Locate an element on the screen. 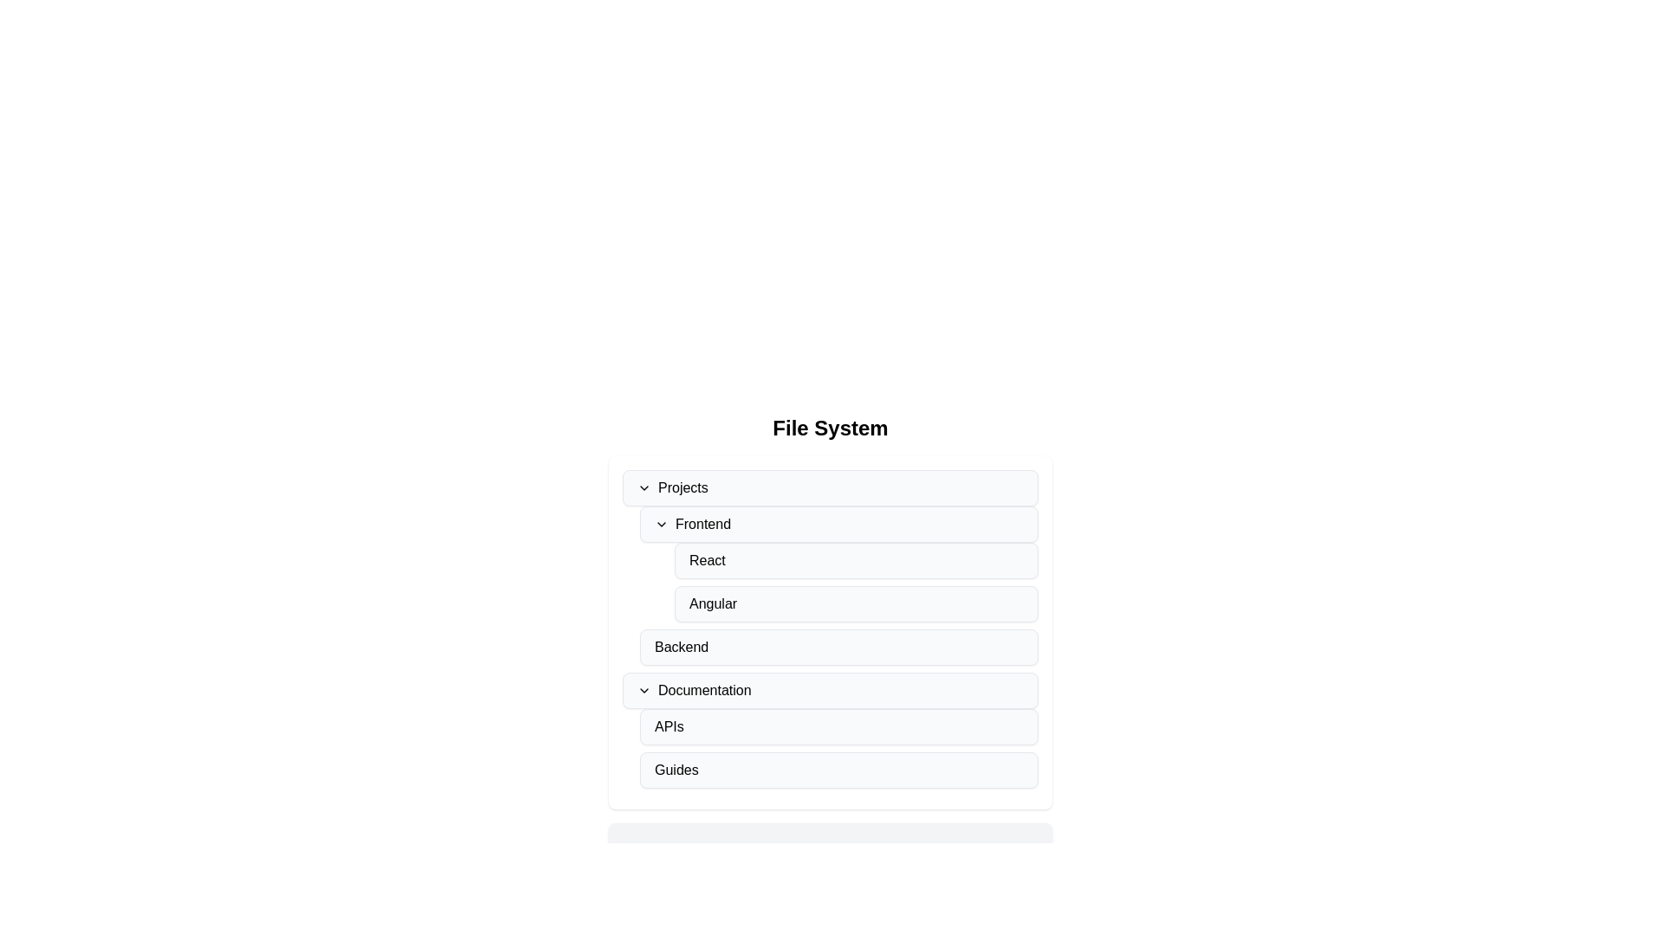 This screenshot has width=1663, height=935. the 'Backend' button, which is a light gray rectangular button with rounded corners located in the 'Documentation' section under 'File System' is located at coordinates (839, 648).